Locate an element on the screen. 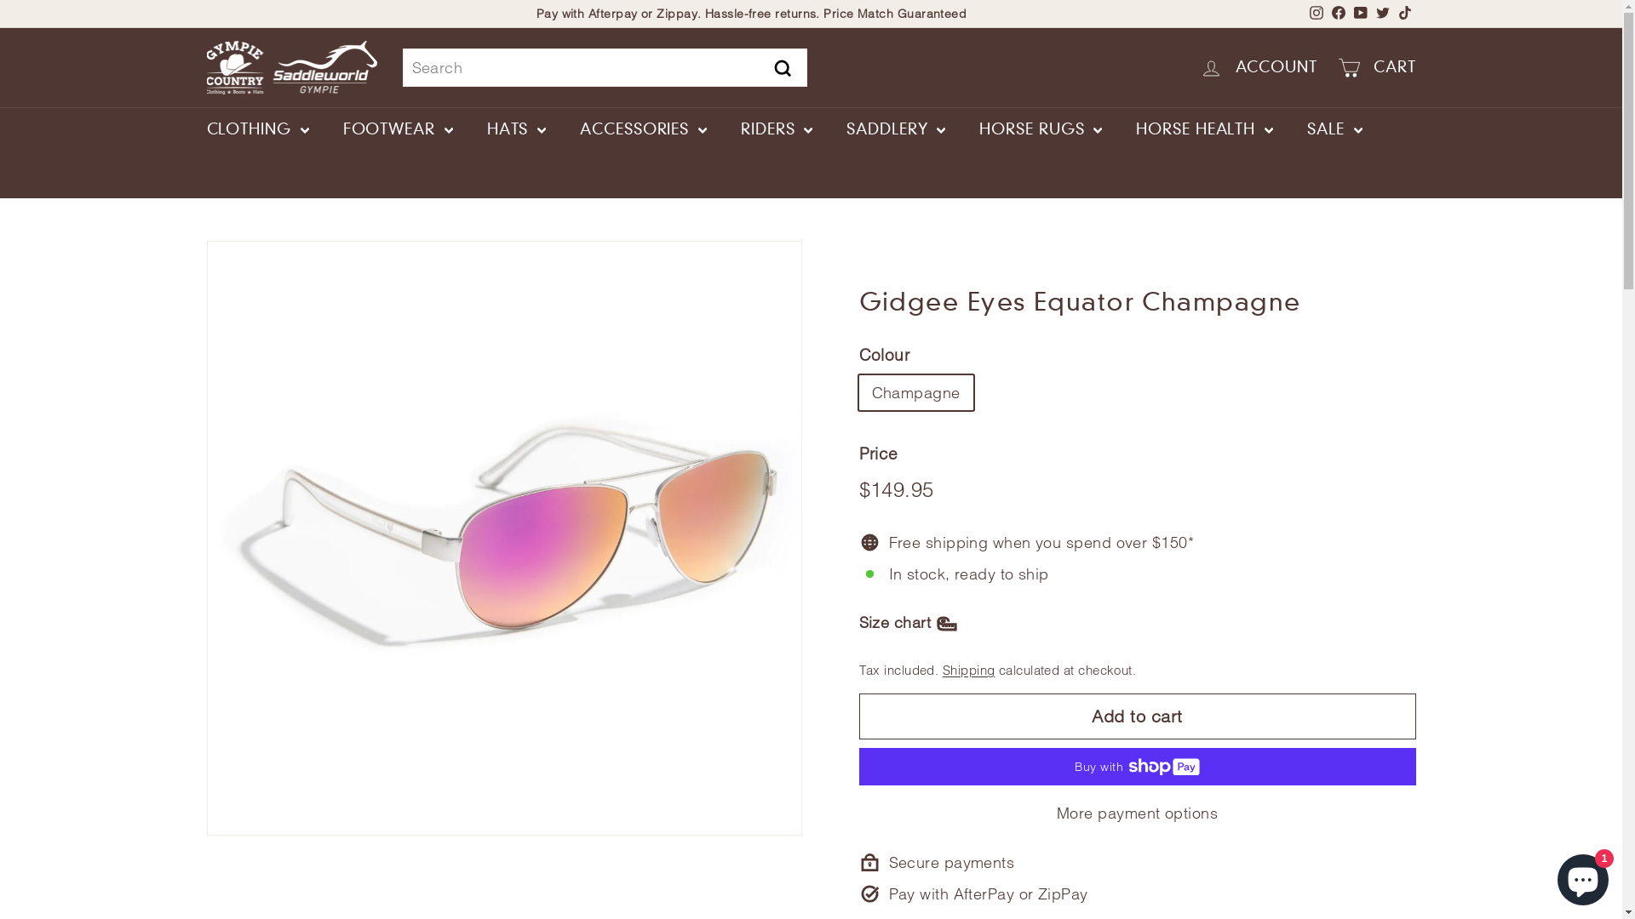 The height and width of the screenshot is (919, 1635). 'More payment options' is located at coordinates (1136, 812).